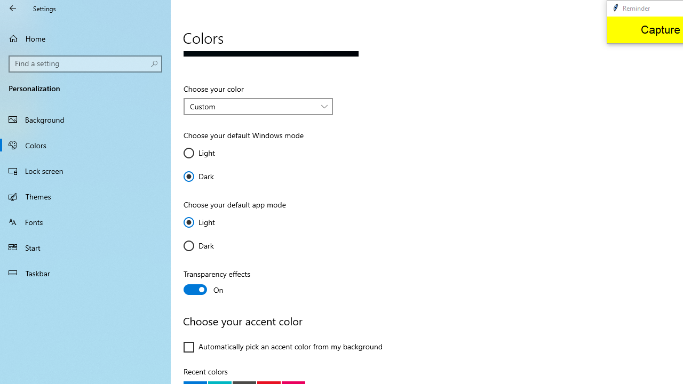 This screenshot has height=384, width=683. What do you see at coordinates (215, 221) in the screenshot?
I see `'Light'` at bounding box center [215, 221].